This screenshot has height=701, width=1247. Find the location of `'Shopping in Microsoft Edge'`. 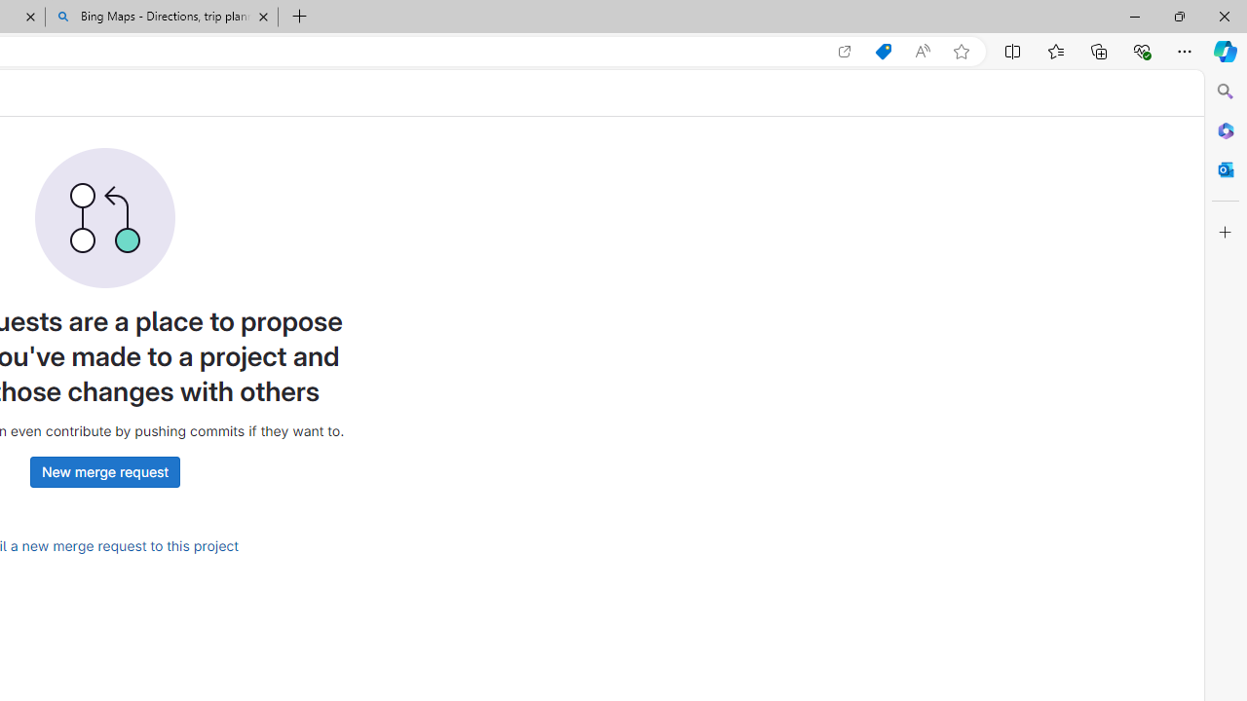

'Shopping in Microsoft Edge' is located at coordinates (882, 51).